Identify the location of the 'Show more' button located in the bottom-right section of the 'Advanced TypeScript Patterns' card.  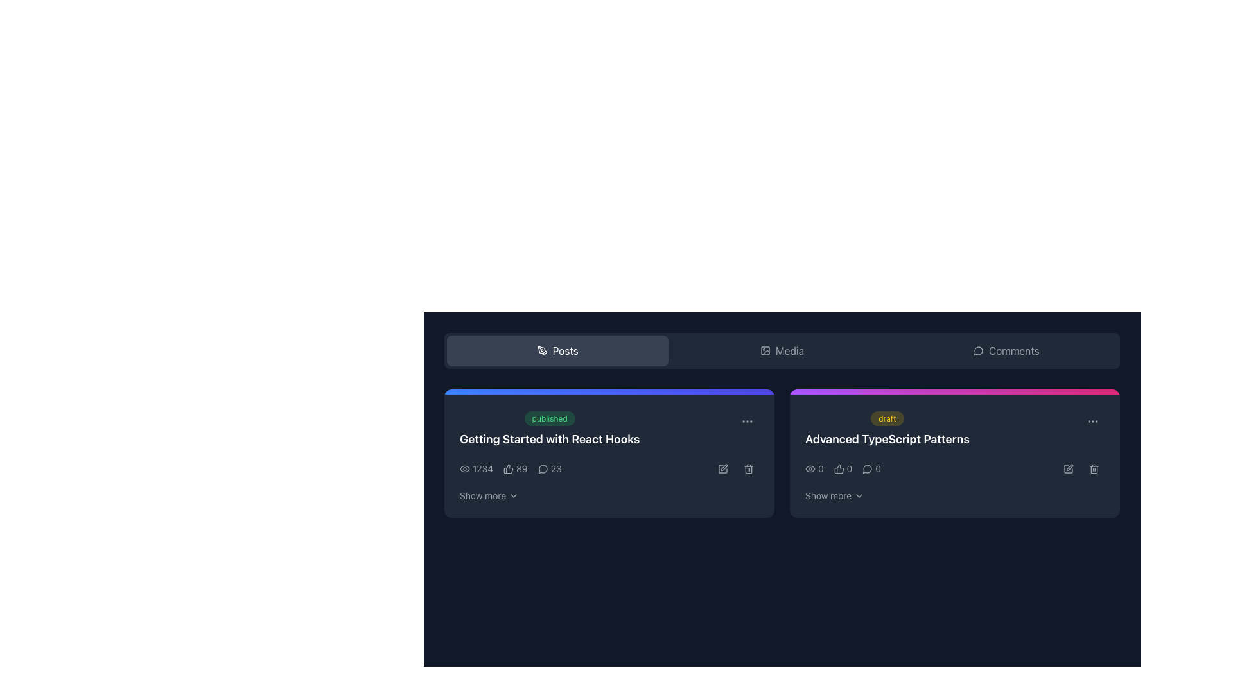
(835, 495).